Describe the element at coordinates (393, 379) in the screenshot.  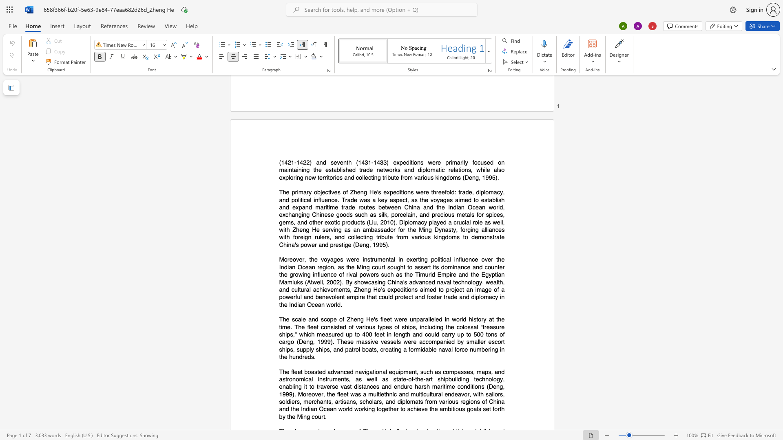
I see `the subset text "state-of-the" within the text "state-of-the-art"` at that location.